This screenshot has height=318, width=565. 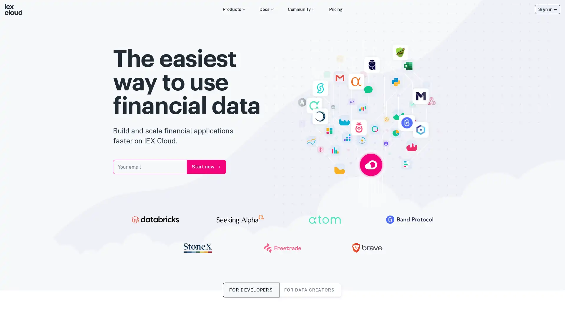 What do you see at coordinates (251, 289) in the screenshot?
I see `FOR DEVELOPERS` at bounding box center [251, 289].